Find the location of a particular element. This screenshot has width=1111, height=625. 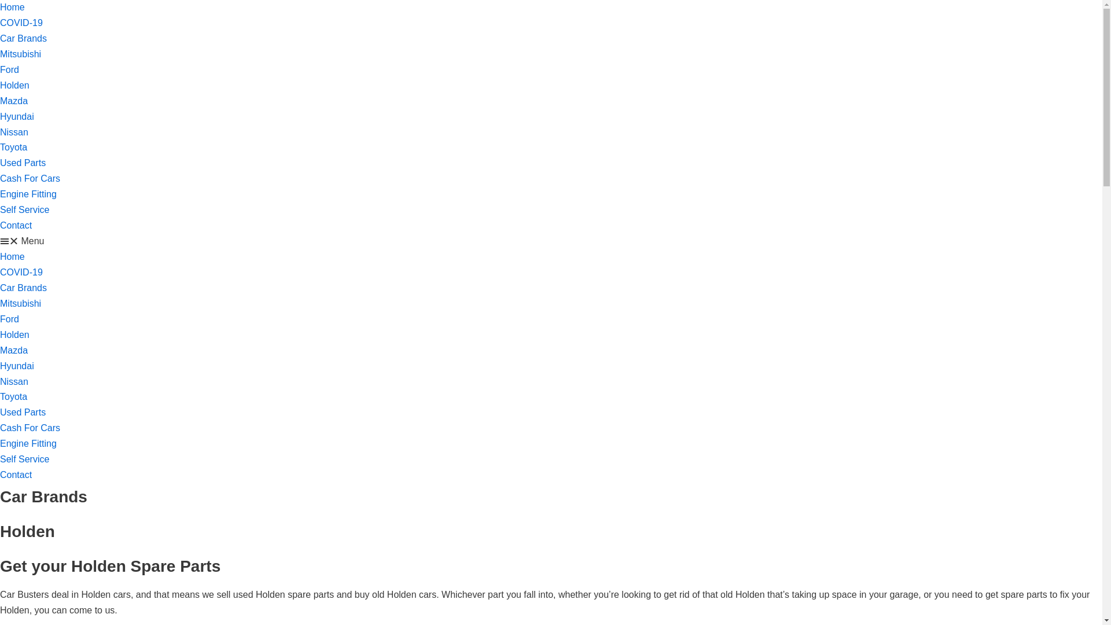

'Self Service' is located at coordinates (0, 209).